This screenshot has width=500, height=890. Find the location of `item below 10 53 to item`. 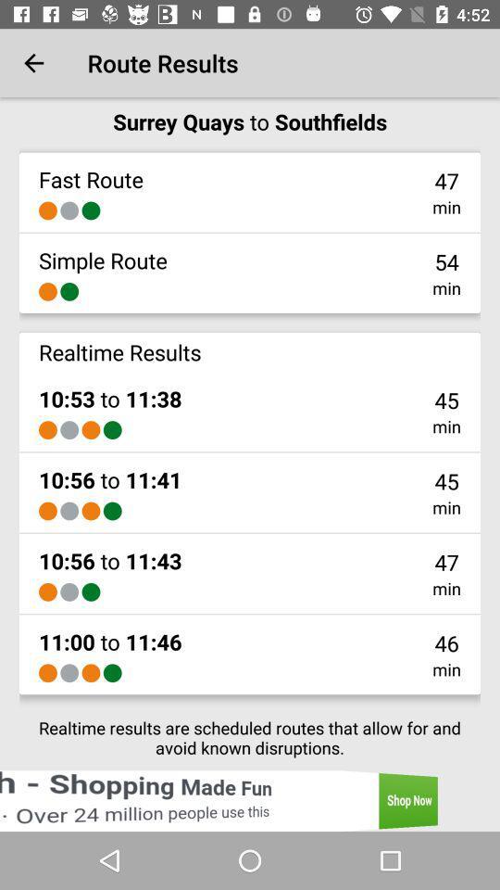

item below 10 53 to item is located at coordinates (69, 430).